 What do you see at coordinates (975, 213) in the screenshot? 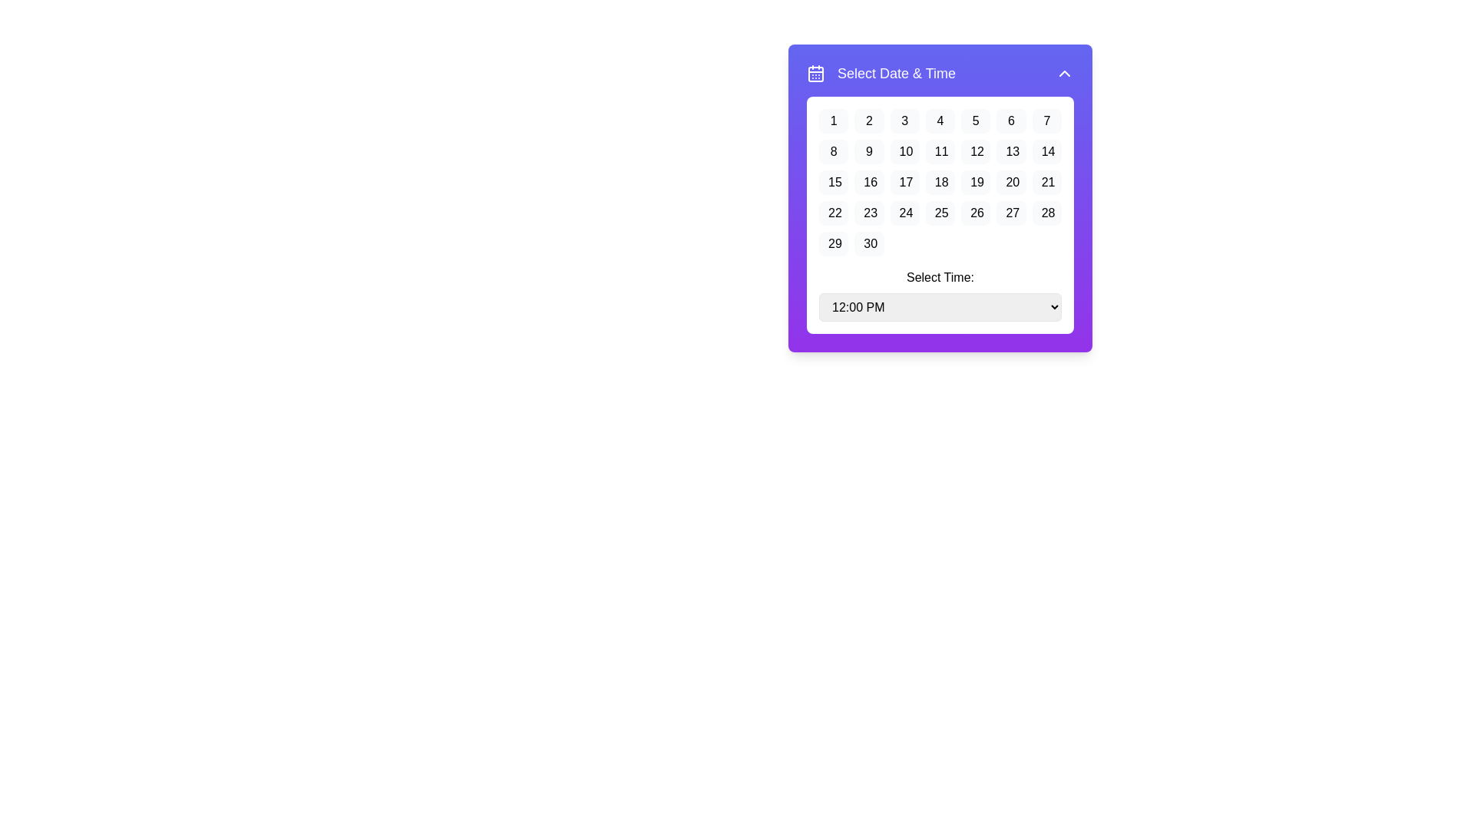
I see `the rounded rectangular button displaying the number '26' in the date selector interface` at bounding box center [975, 213].